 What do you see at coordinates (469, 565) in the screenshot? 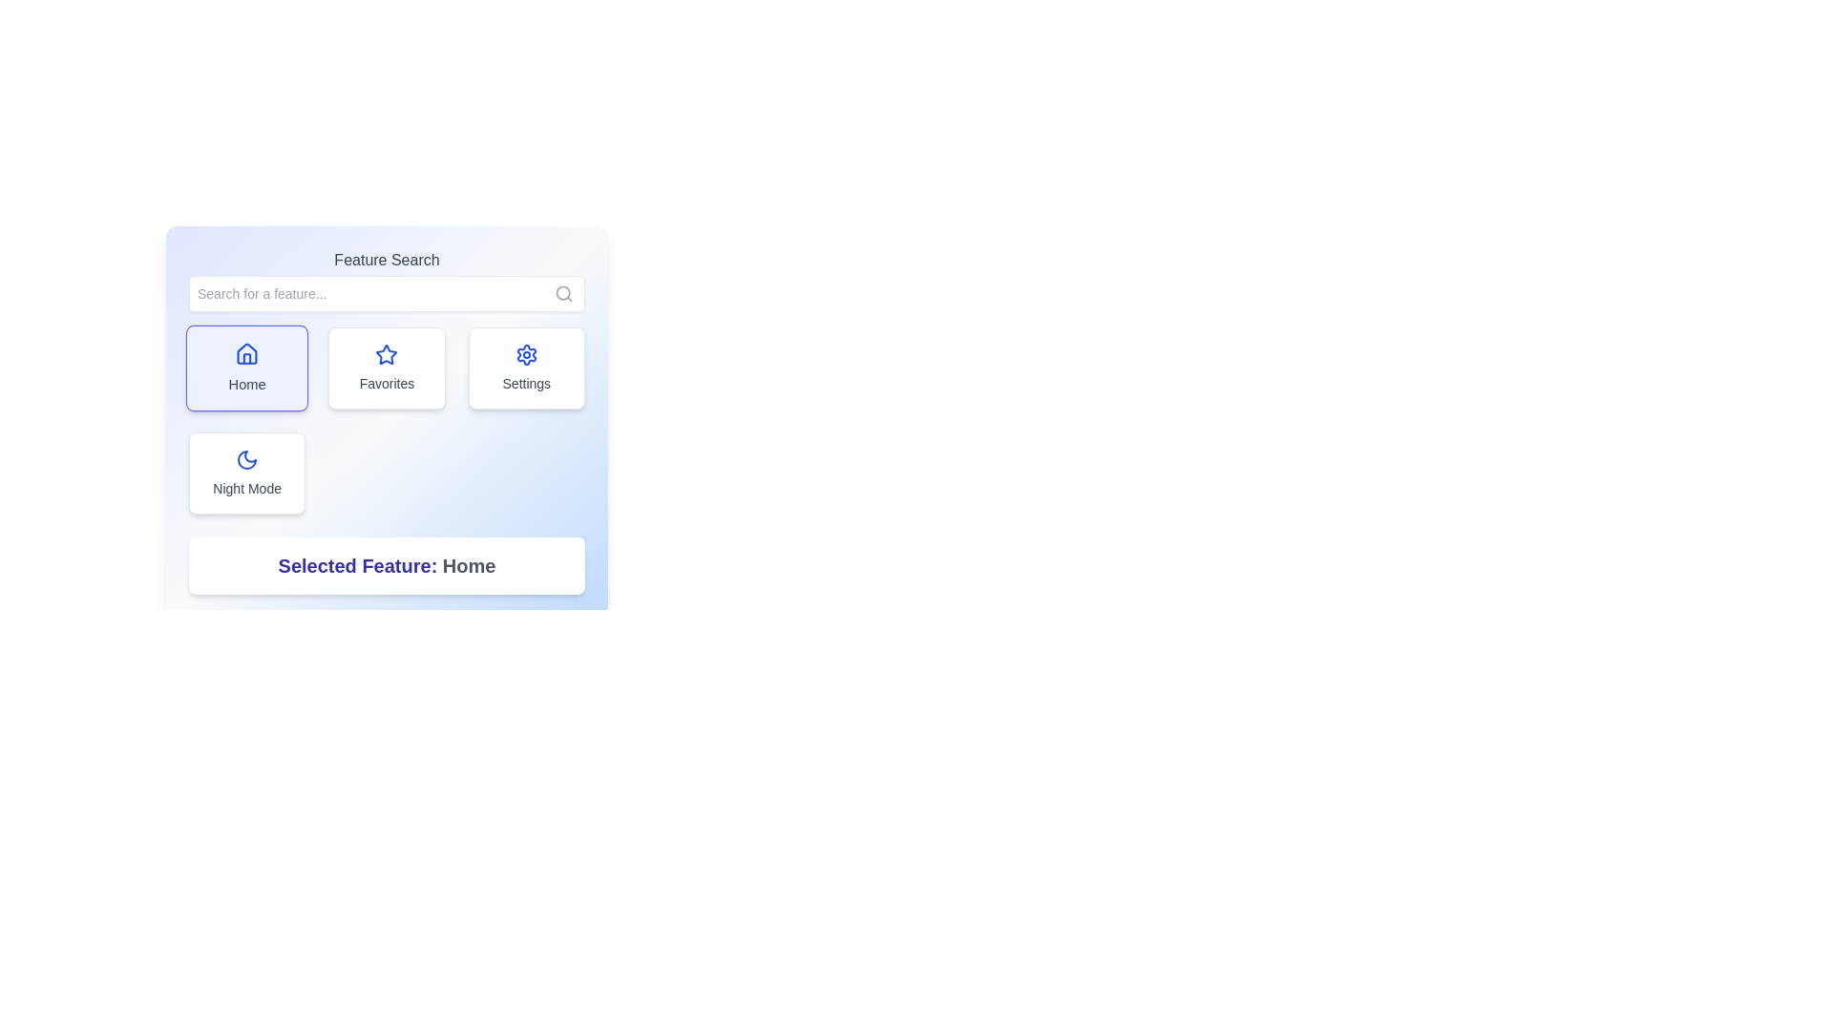
I see `the 'Home' text label, which is part of the 'Selected Feature: Home' text group` at bounding box center [469, 565].